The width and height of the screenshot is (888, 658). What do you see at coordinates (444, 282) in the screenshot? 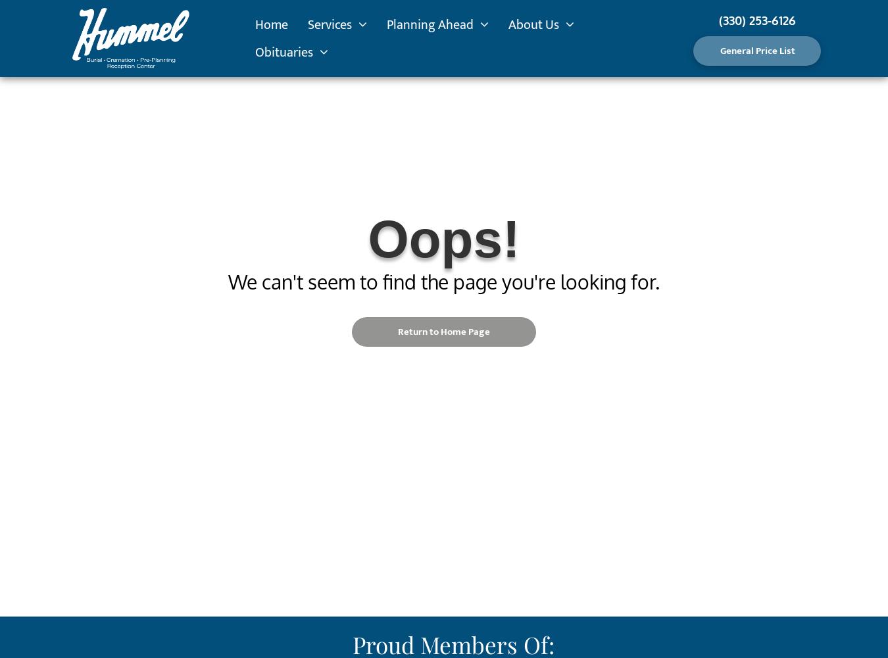
I see `'We can't seem to find the page you're looking for.'` at bounding box center [444, 282].